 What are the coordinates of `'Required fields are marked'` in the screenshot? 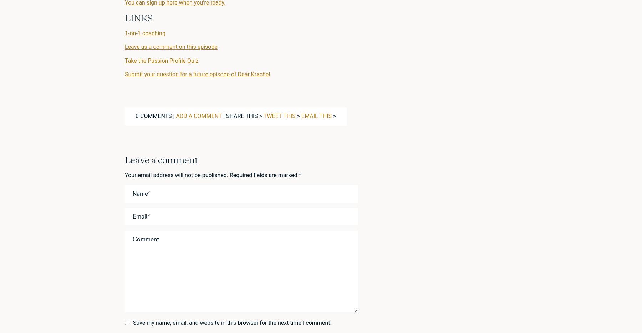 It's located at (264, 175).